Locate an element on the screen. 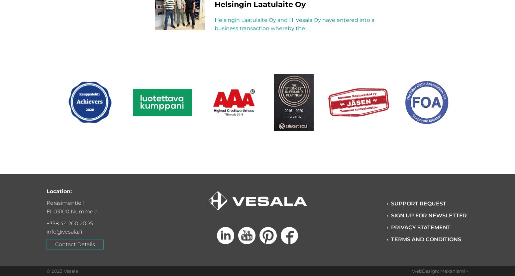  'Sign up for Newsletter' is located at coordinates (390, 215).